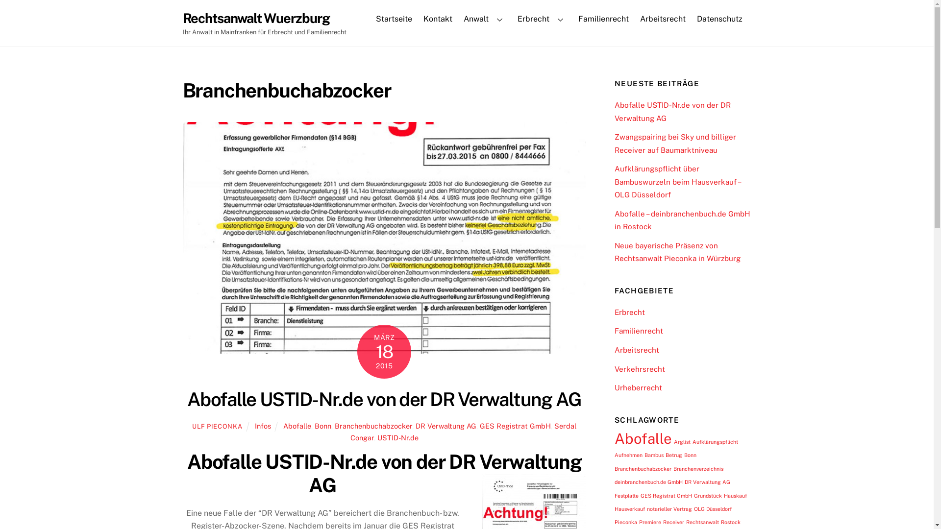  What do you see at coordinates (673, 442) in the screenshot?
I see `'Arglist'` at bounding box center [673, 442].